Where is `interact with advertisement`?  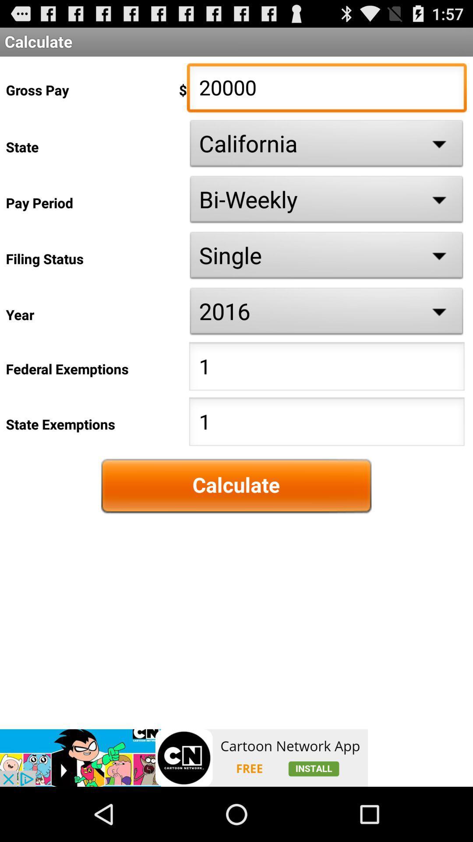 interact with advertisement is located at coordinates (184, 757).